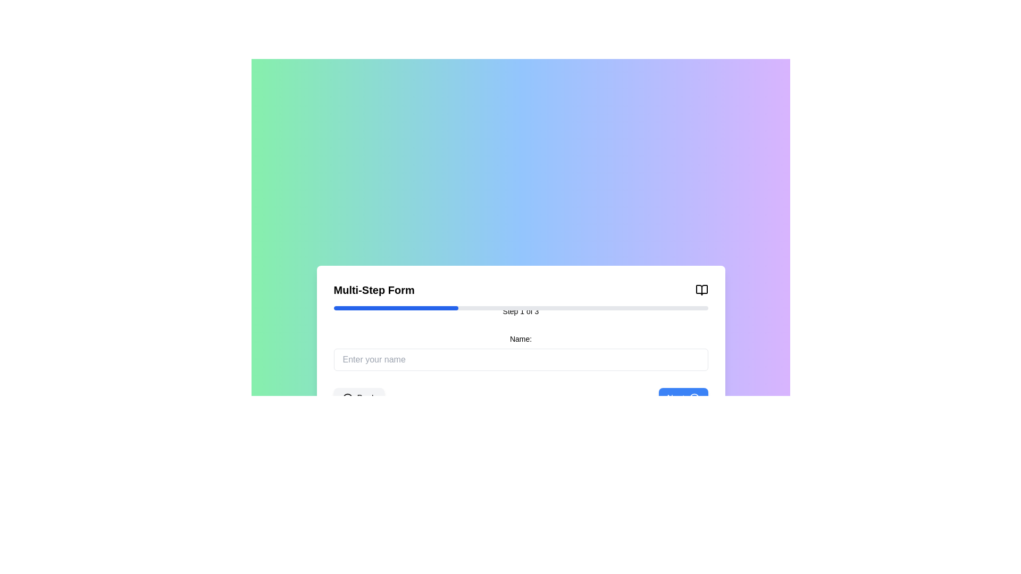 Image resolution: width=1021 pixels, height=574 pixels. I want to click on the rightward-pointing arrow icon within the blue rounded rectangle button labeled 'Next', located at the far right of the button, so click(694, 398).